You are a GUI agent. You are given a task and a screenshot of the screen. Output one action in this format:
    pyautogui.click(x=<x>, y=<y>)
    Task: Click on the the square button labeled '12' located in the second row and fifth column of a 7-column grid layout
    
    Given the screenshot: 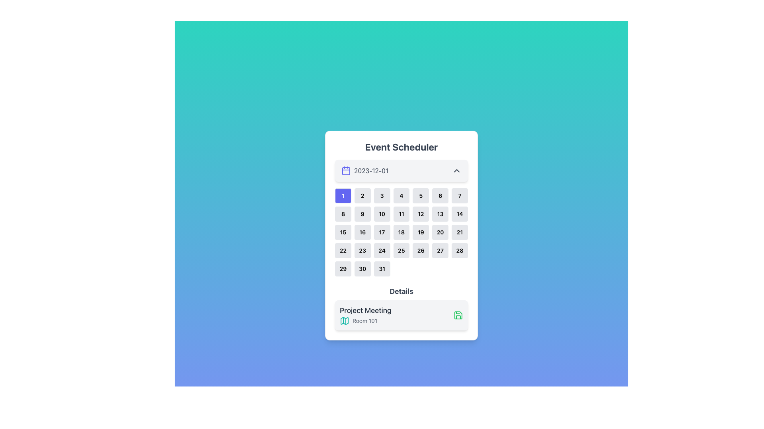 What is the action you would take?
    pyautogui.click(x=420, y=214)
    